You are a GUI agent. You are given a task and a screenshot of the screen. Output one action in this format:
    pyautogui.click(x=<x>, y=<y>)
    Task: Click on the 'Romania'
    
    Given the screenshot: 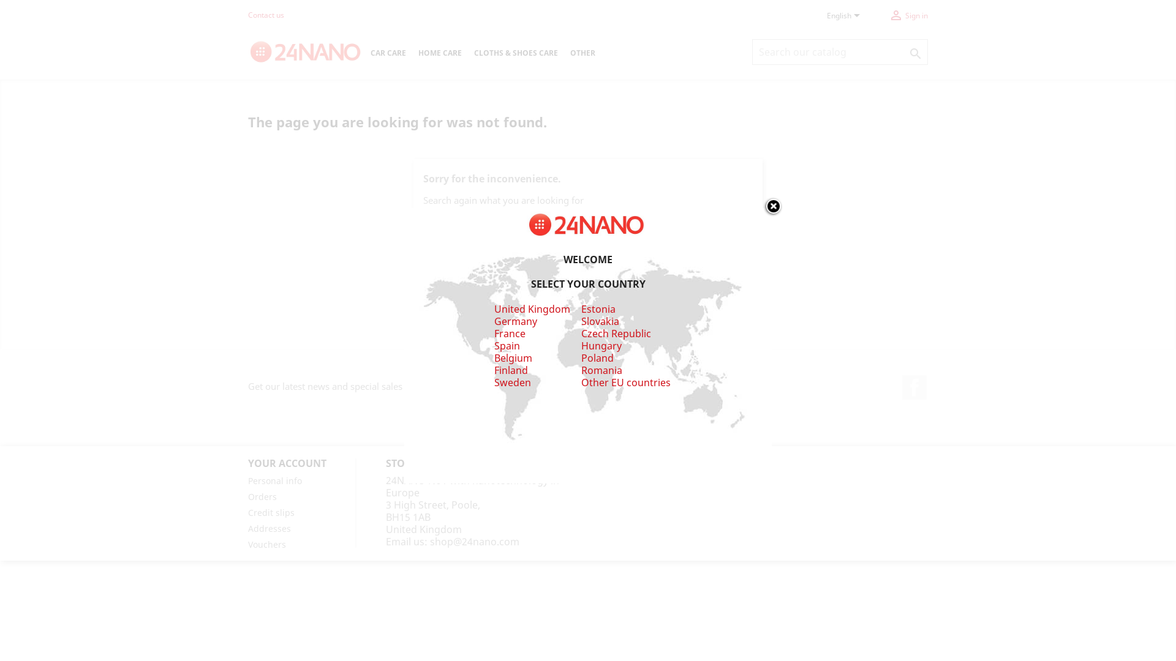 What is the action you would take?
    pyautogui.click(x=601, y=370)
    